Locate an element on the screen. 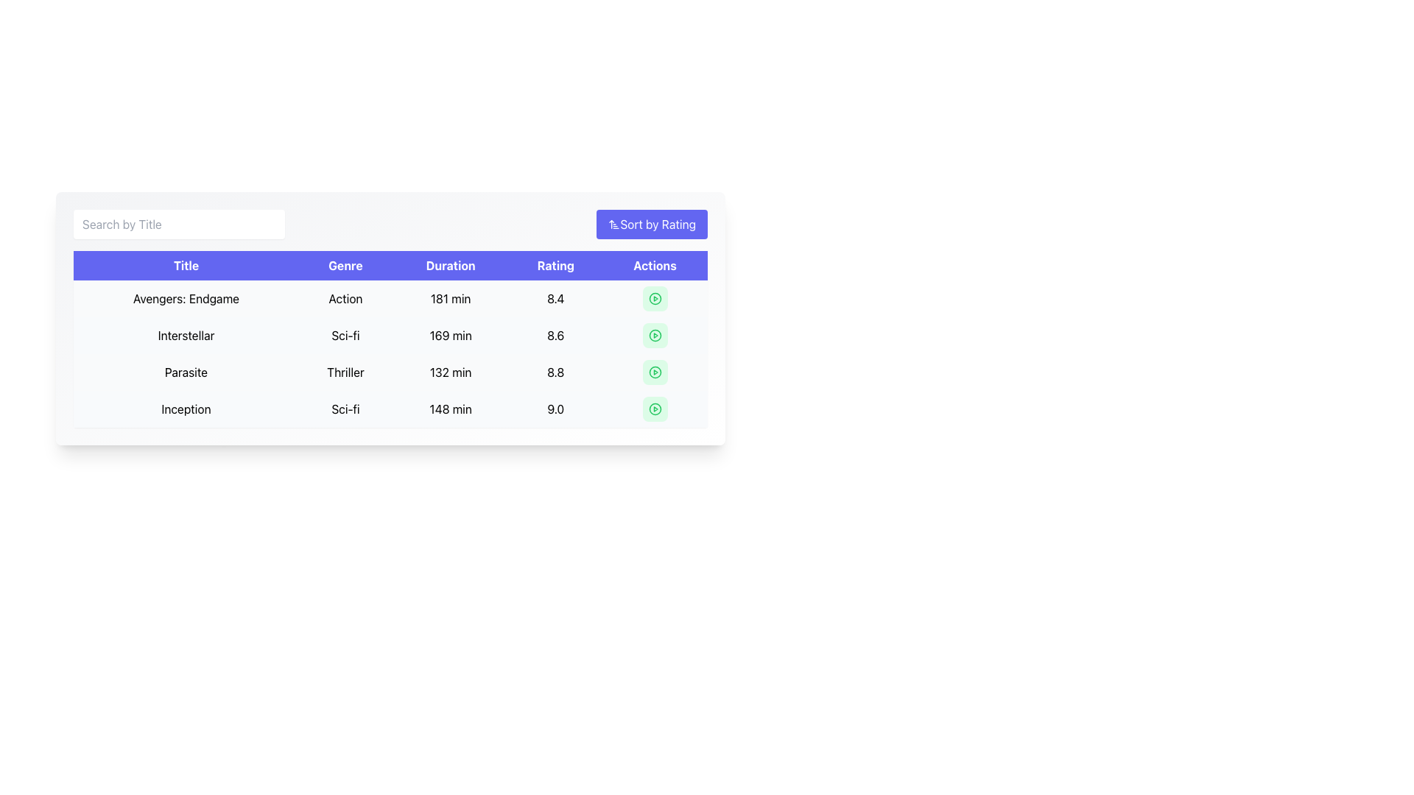 The width and height of the screenshot is (1414, 795). static text element displaying 'Parasite', which is located in the third row of the 'Title' column in a grid layout, with a black font on a white background is located at coordinates (186, 371).